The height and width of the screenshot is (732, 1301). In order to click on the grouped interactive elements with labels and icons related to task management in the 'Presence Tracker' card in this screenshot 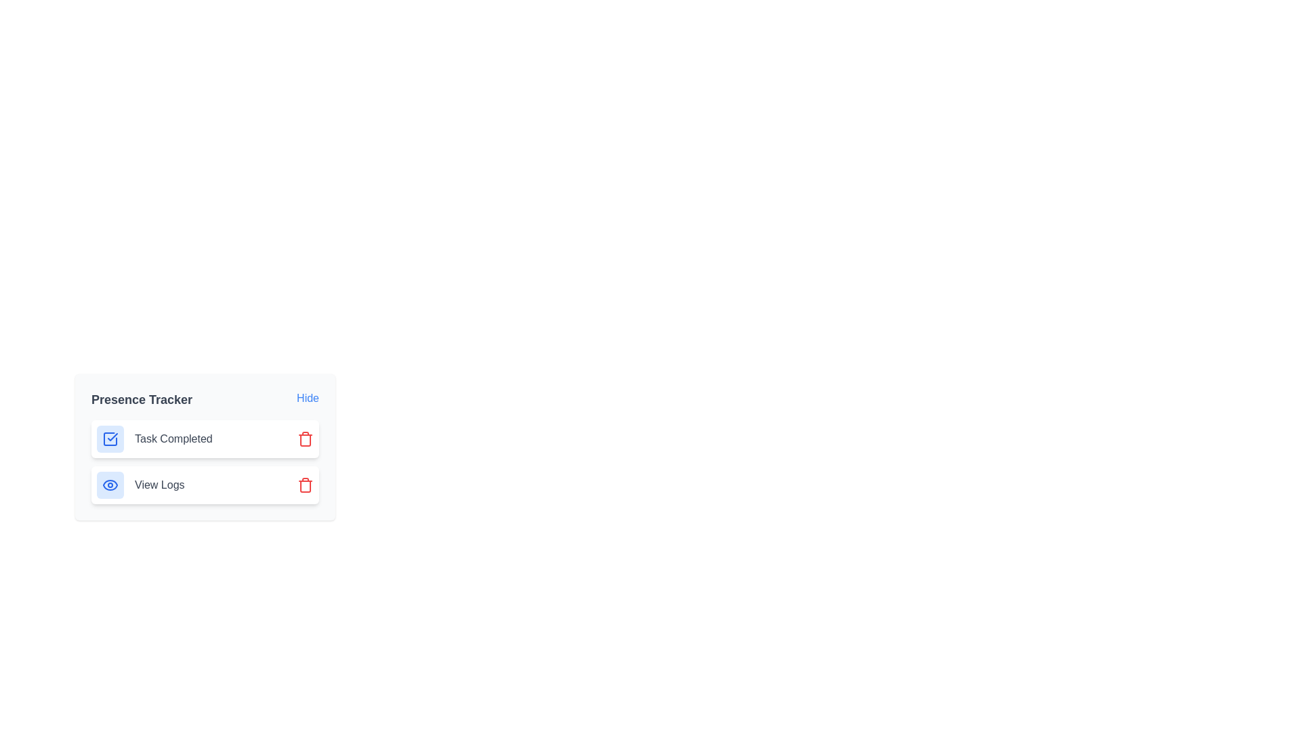, I will do `click(204, 462)`.